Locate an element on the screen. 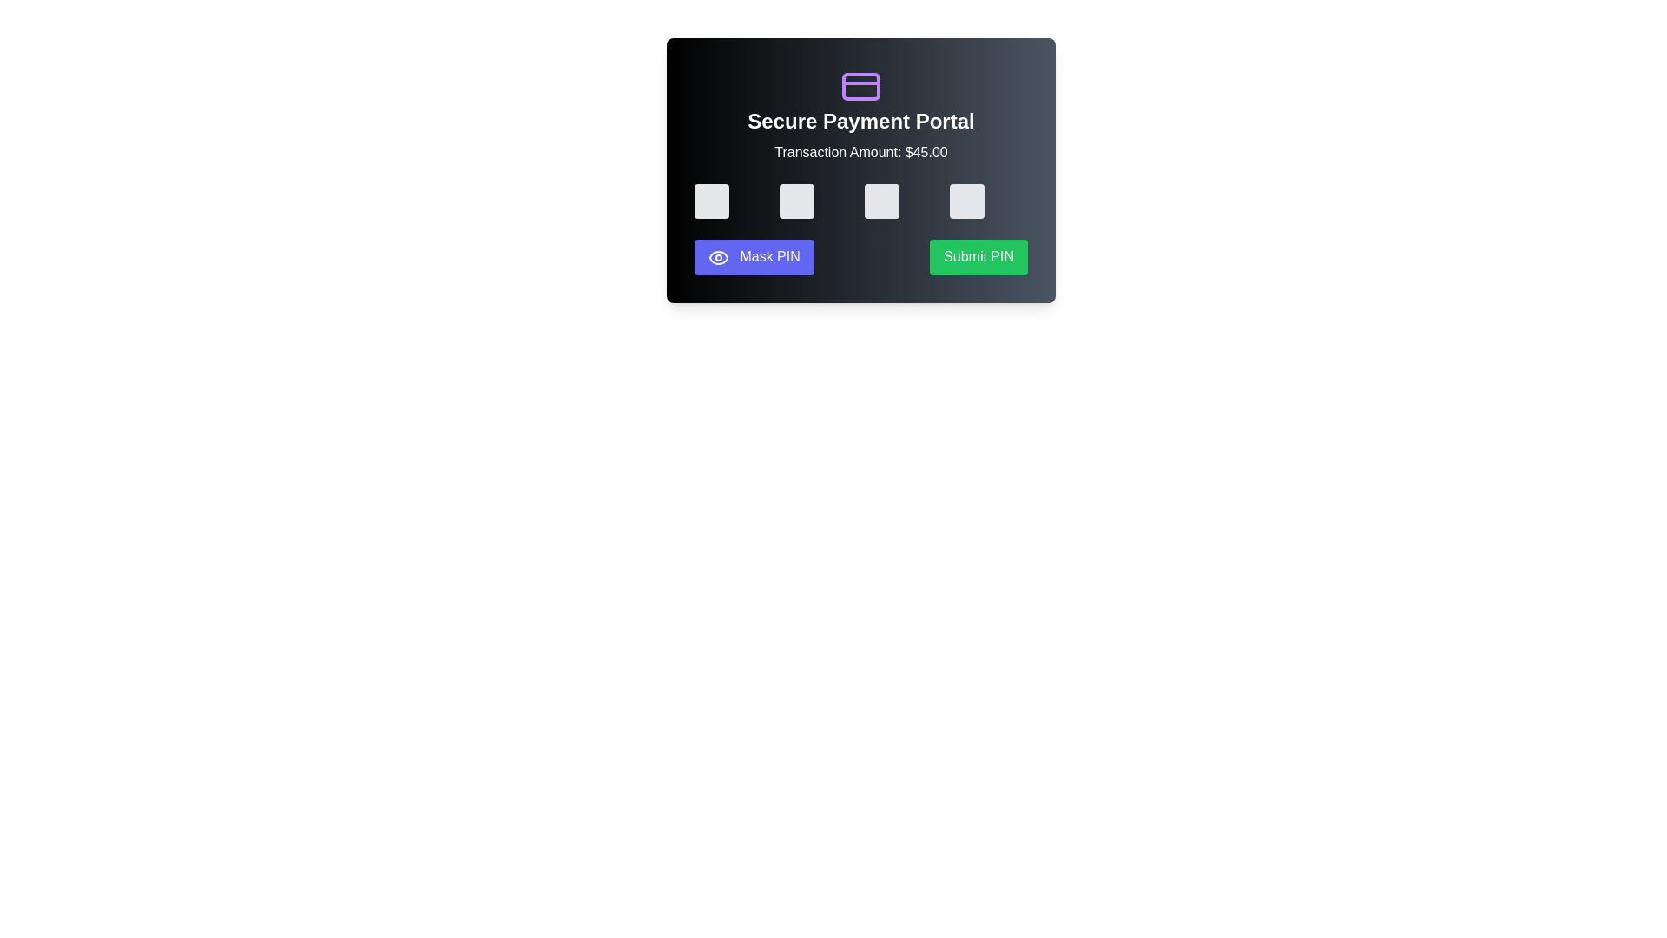 This screenshot has height=938, width=1667. upper component of the credit card SVG icon located at the top center of the payment portal interface is located at coordinates (861, 87).